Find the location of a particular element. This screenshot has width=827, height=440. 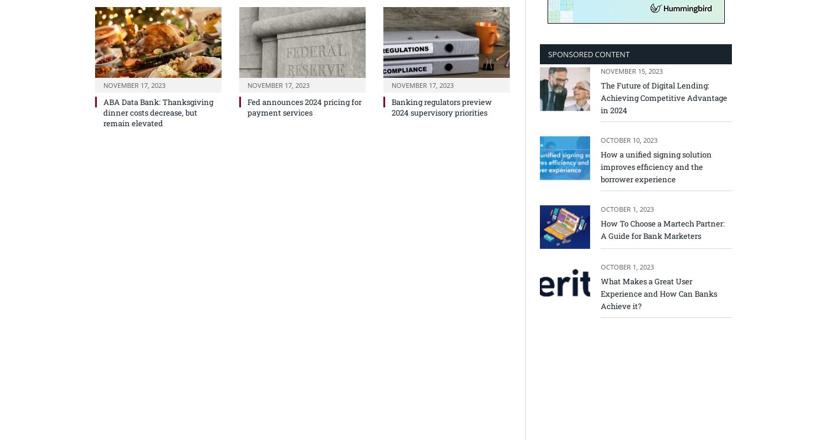

'The Future of Digital Lending: Achieving Competitive Advantage in 2024' is located at coordinates (664, 97).